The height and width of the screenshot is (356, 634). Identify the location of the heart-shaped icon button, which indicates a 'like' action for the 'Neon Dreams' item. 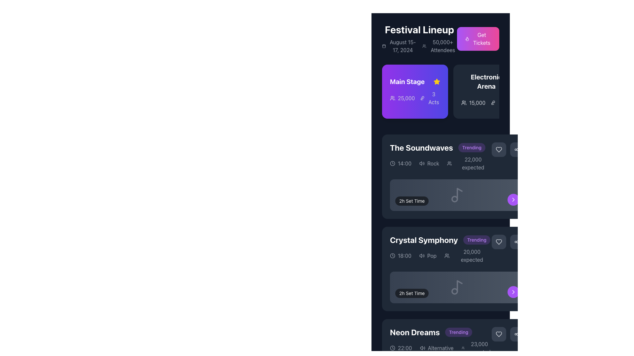
(499, 334).